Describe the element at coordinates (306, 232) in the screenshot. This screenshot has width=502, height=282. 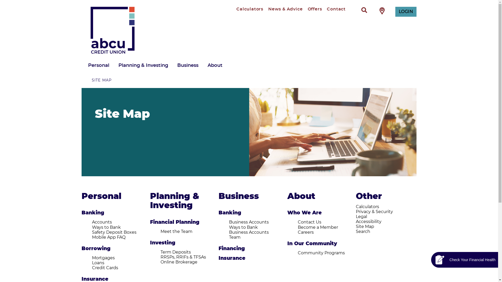
I see `'Careers'` at that location.